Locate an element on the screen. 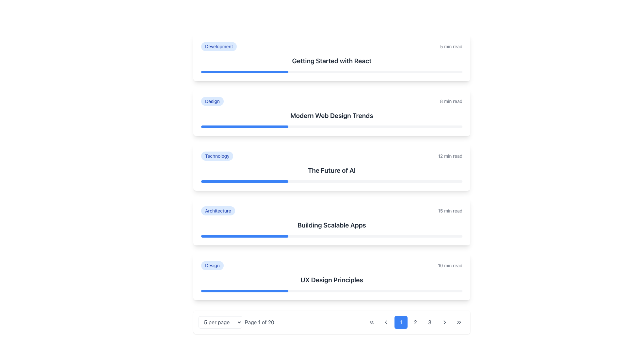  the progress visually on the horizontal progress bar located beneath the headline 'Getting Started with React', which is characterized by a gray background and a blue filled portion extending to one-third of its width is located at coordinates (332, 72).